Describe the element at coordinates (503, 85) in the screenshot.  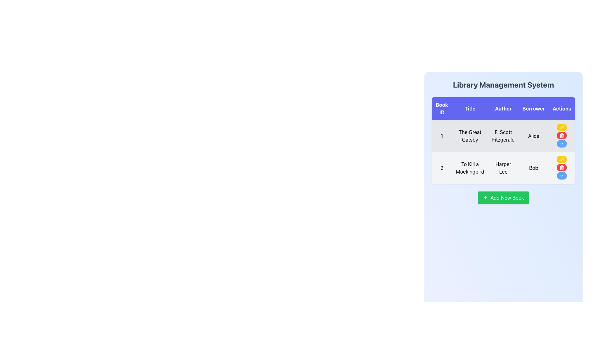
I see `the Text Heading for the Library Management System, which is positioned at the top of a section above a table layout and centered horizontally within a gradient background` at that location.